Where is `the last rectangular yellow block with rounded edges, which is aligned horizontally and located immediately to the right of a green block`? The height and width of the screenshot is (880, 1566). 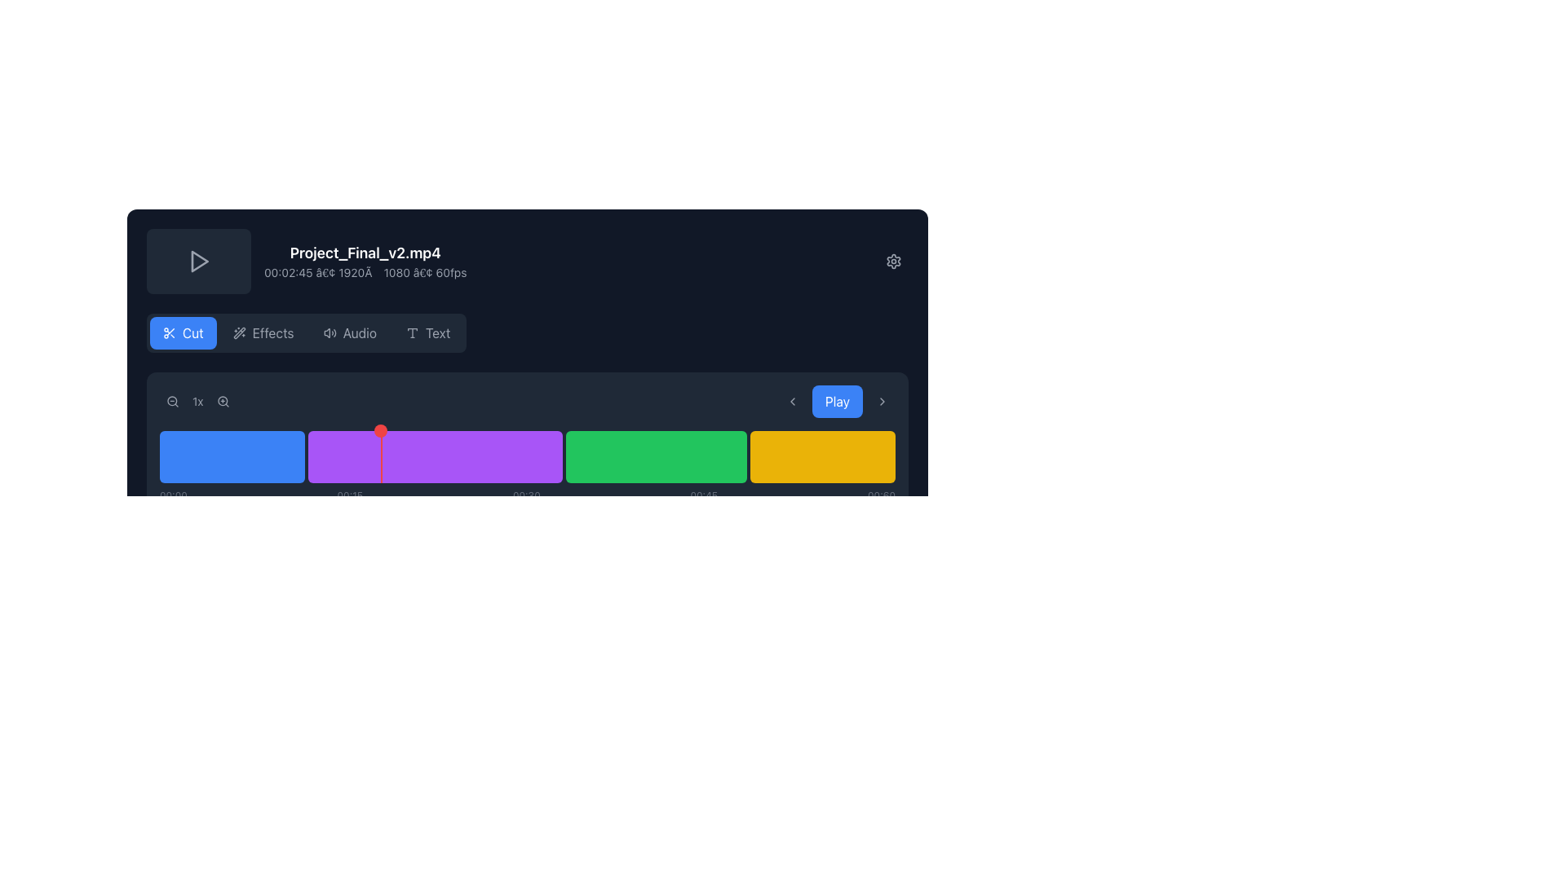
the last rectangular yellow block with rounded edges, which is aligned horizontally and located immediately to the right of a green block is located at coordinates (822, 456).